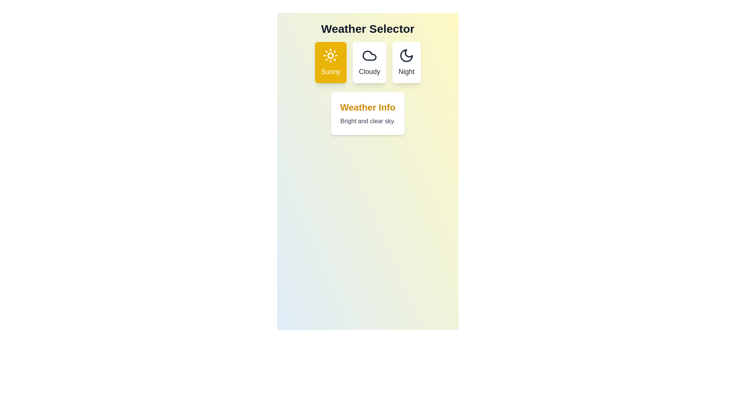 This screenshot has height=412, width=733. What do you see at coordinates (370, 62) in the screenshot?
I see `the weather option Cloudy by clicking on the corresponding button` at bounding box center [370, 62].